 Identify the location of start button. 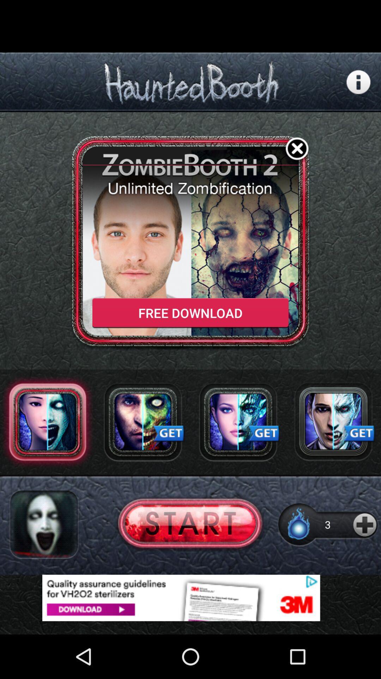
(190, 524).